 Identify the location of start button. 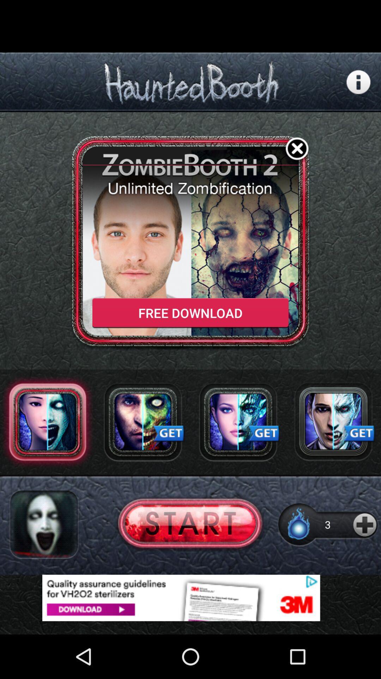
(190, 524).